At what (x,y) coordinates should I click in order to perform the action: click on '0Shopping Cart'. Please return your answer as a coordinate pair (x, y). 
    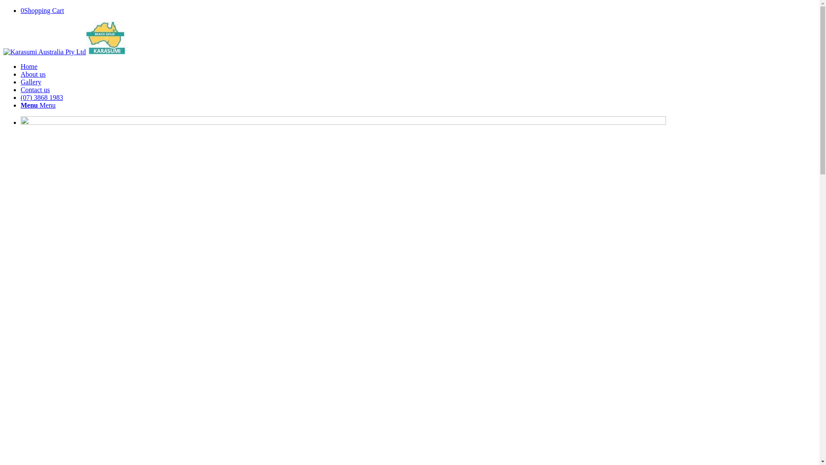
    Looking at the image, I should click on (42, 10).